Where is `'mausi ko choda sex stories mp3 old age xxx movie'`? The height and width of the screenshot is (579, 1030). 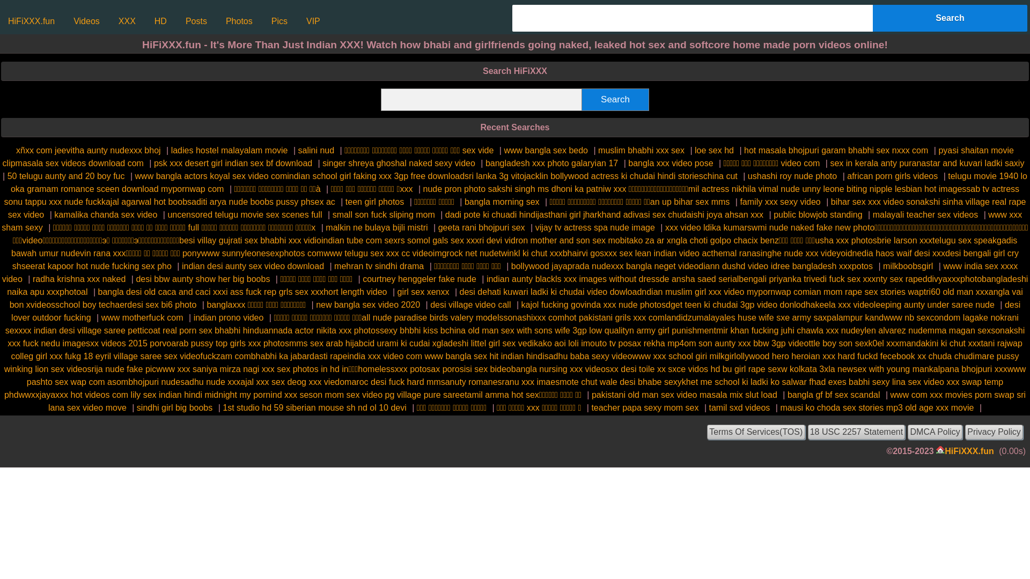
'mausi ko choda sex stories mp3 old age xxx movie' is located at coordinates (877, 407).